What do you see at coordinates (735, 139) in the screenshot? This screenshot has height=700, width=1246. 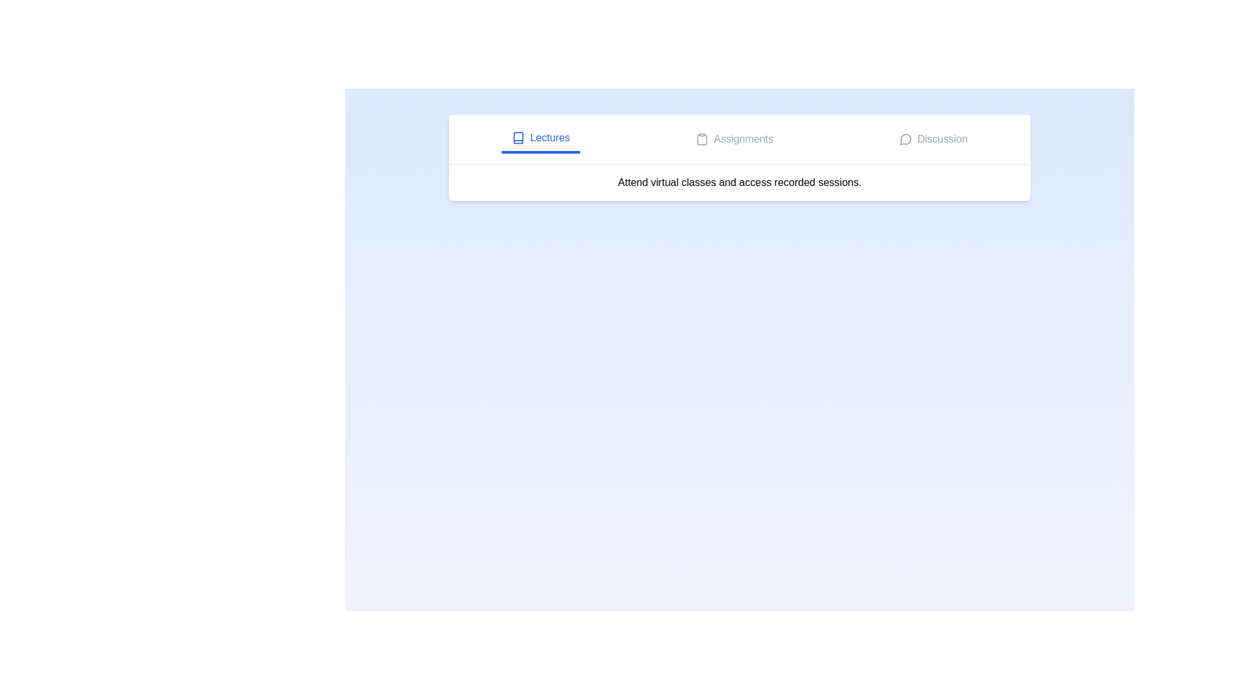 I see `the Assignments tab to view its content` at bounding box center [735, 139].